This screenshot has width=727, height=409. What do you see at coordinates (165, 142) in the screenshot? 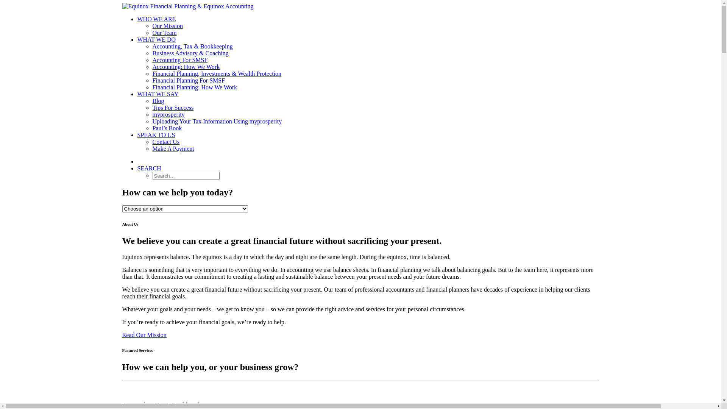
I see `'Contact Us'` at bounding box center [165, 142].